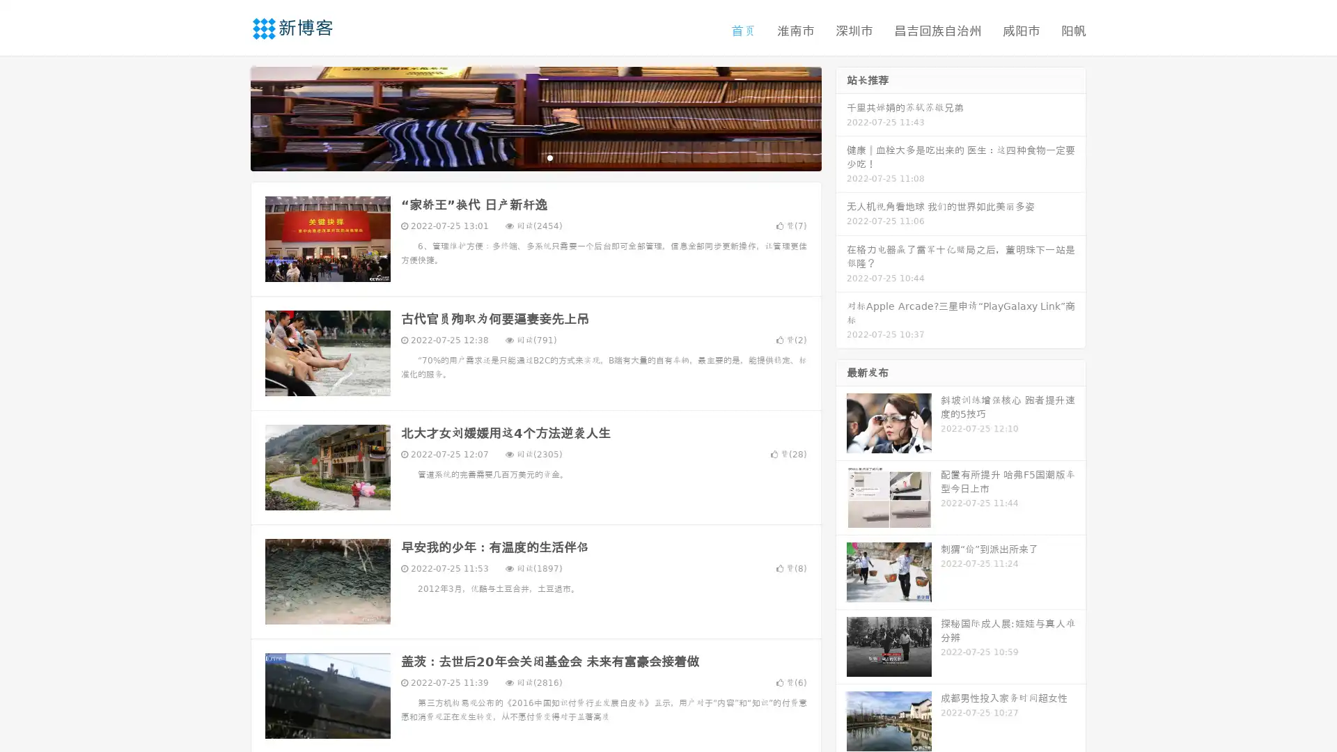 The image size is (1337, 752). What do you see at coordinates (841, 117) in the screenshot?
I see `Next slide` at bounding box center [841, 117].